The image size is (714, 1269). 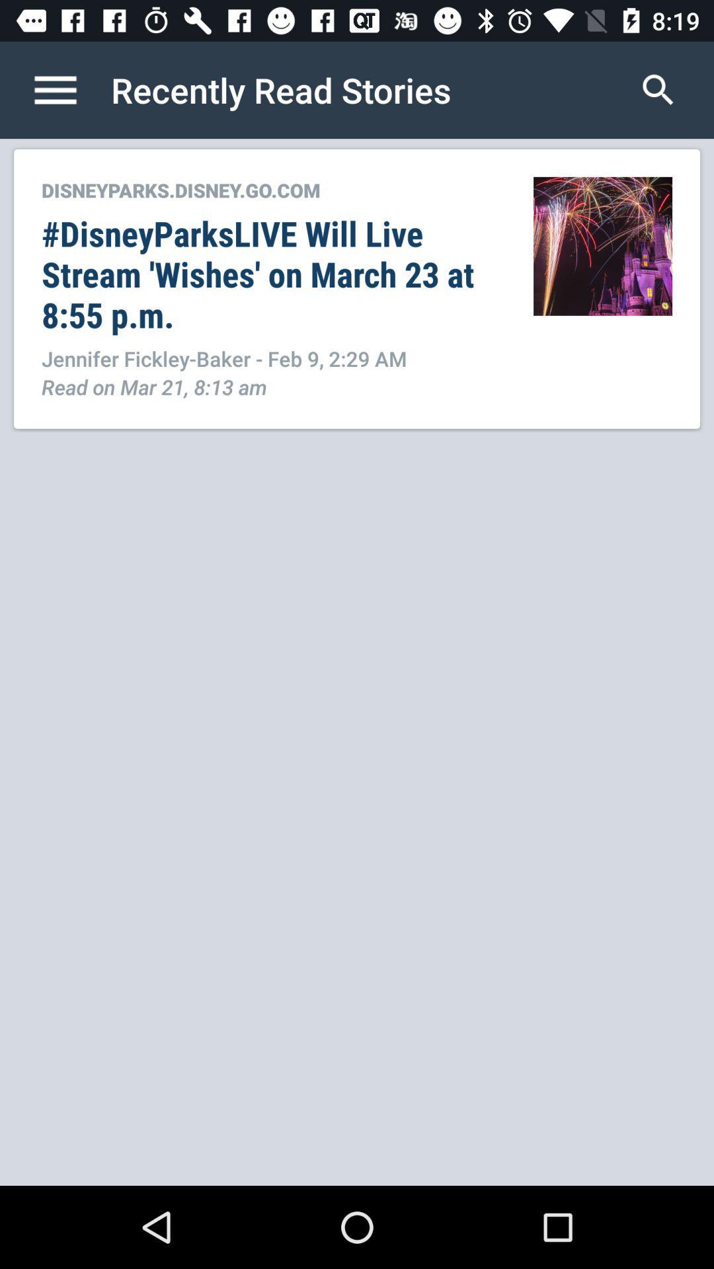 What do you see at coordinates (602, 246) in the screenshot?
I see `the icon to the right of disneyparks disney go item` at bounding box center [602, 246].